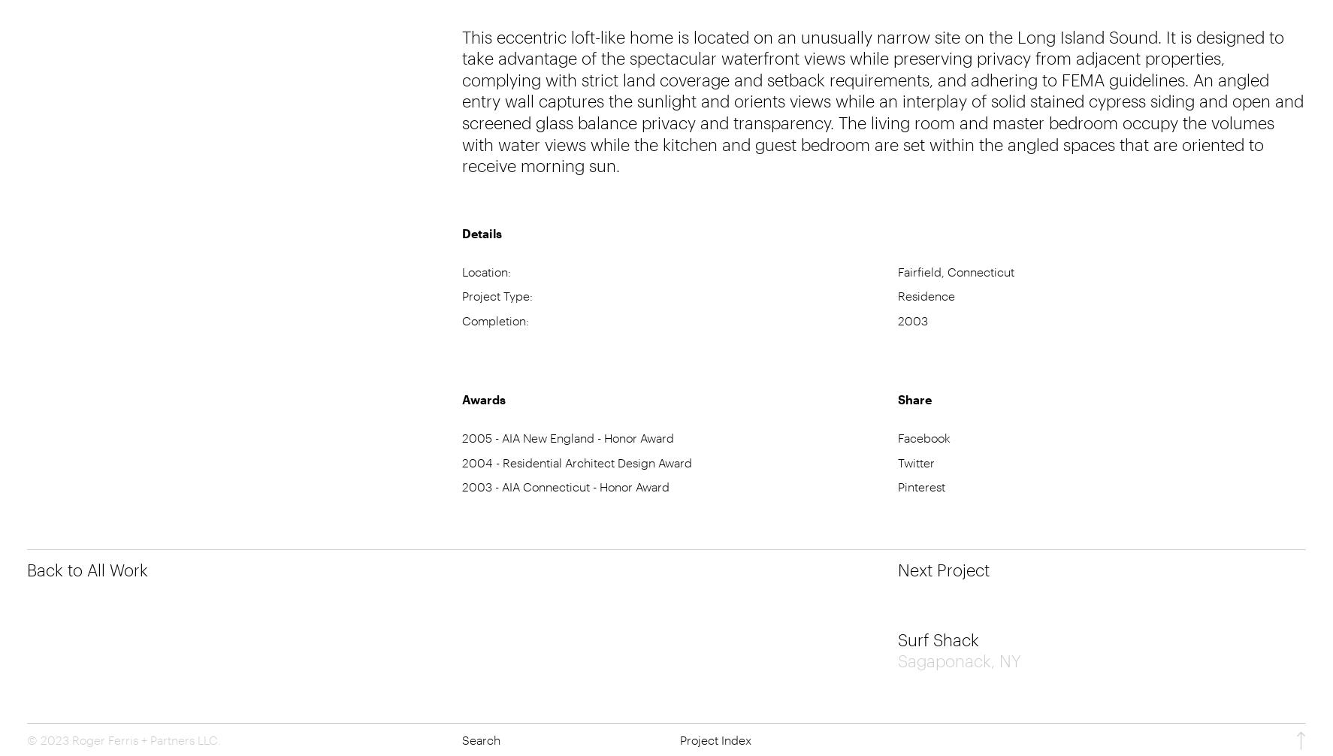  Describe the element at coordinates (461, 738) in the screenshot. I see `'Search'` at that location.